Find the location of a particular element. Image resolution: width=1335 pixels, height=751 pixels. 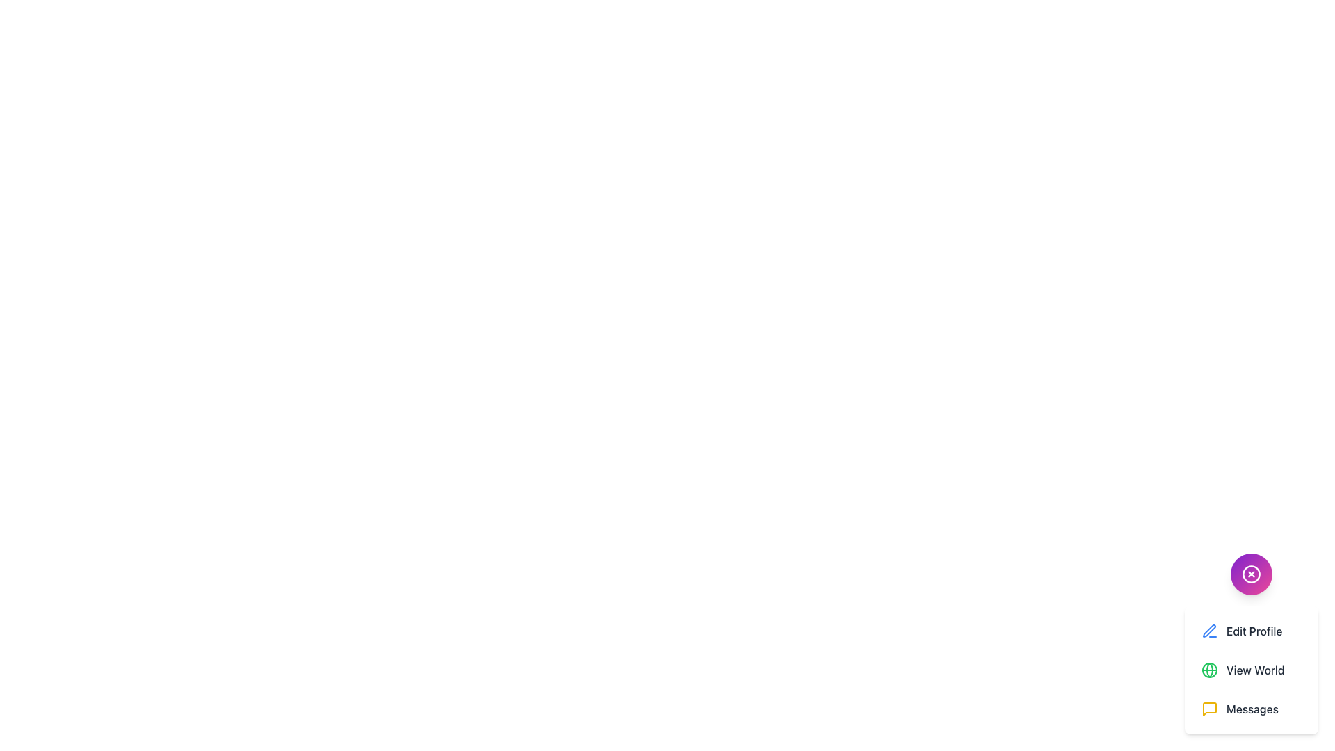

the 'Messages' button located at the bottom of a vertical list of buttons, which is positioned below the 'View World' button is located at coordinates (1252, 709).